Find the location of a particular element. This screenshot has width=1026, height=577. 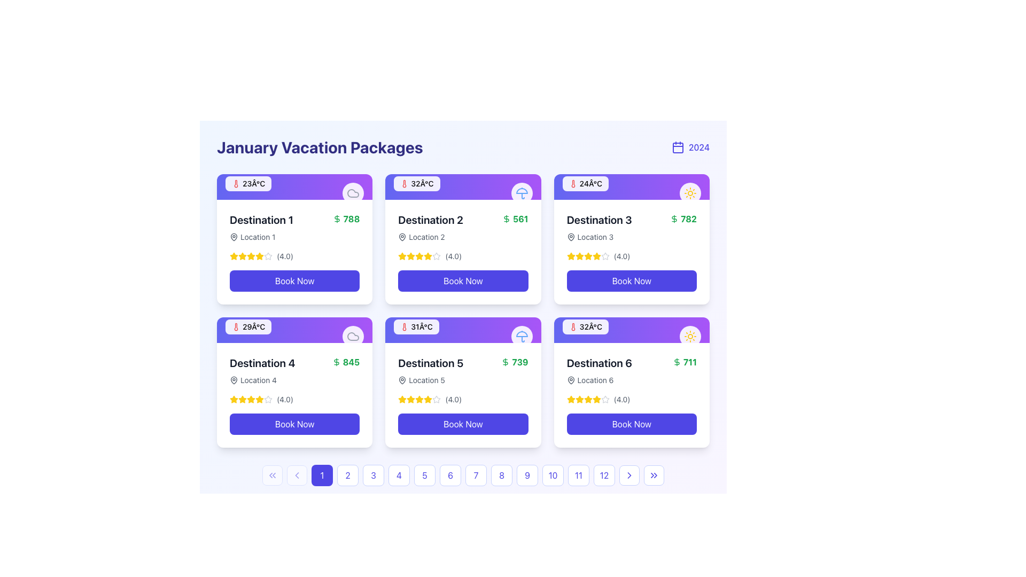

the fifth star icon in the rating section of the card for 'Destination 6' to interact with it is located at coordinates (605, 399).